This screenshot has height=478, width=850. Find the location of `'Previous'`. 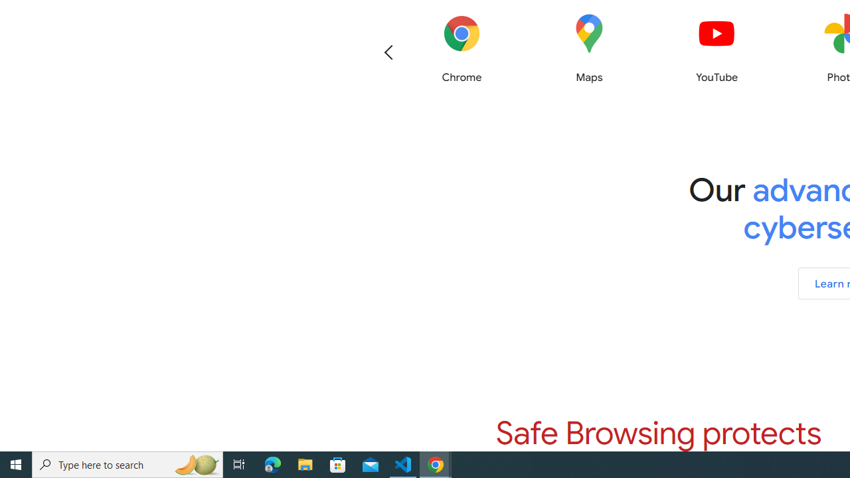

'Previous' is located at coordinates (388, 51).